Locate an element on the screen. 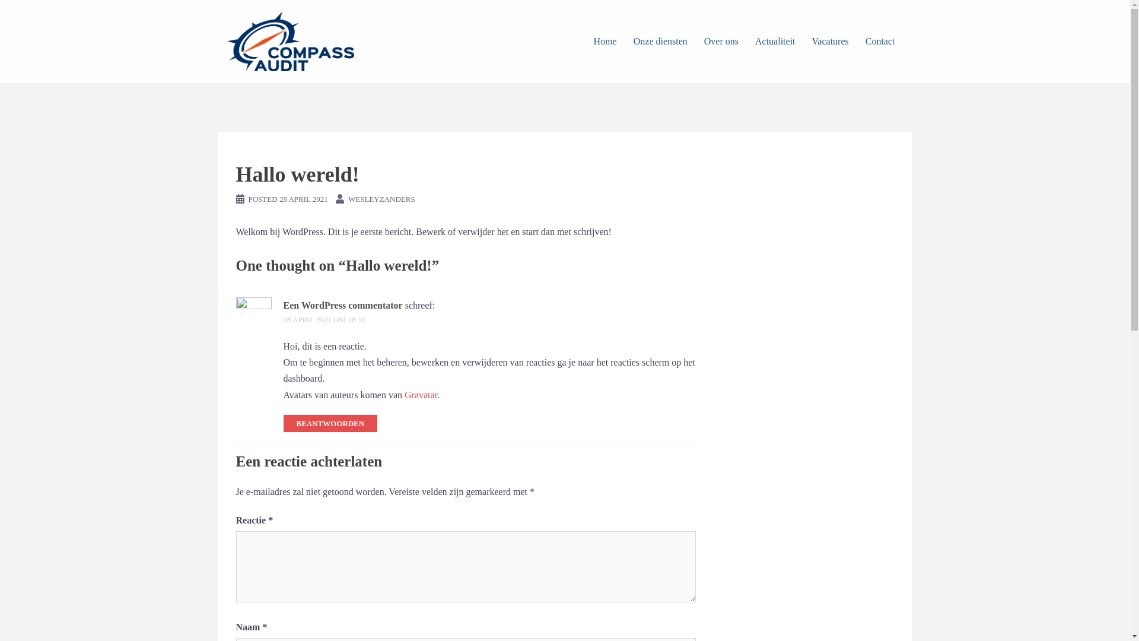 The height and width of the screenshot is (641, 1139). 'Actualiteit' is located at coordinates (754, 40).